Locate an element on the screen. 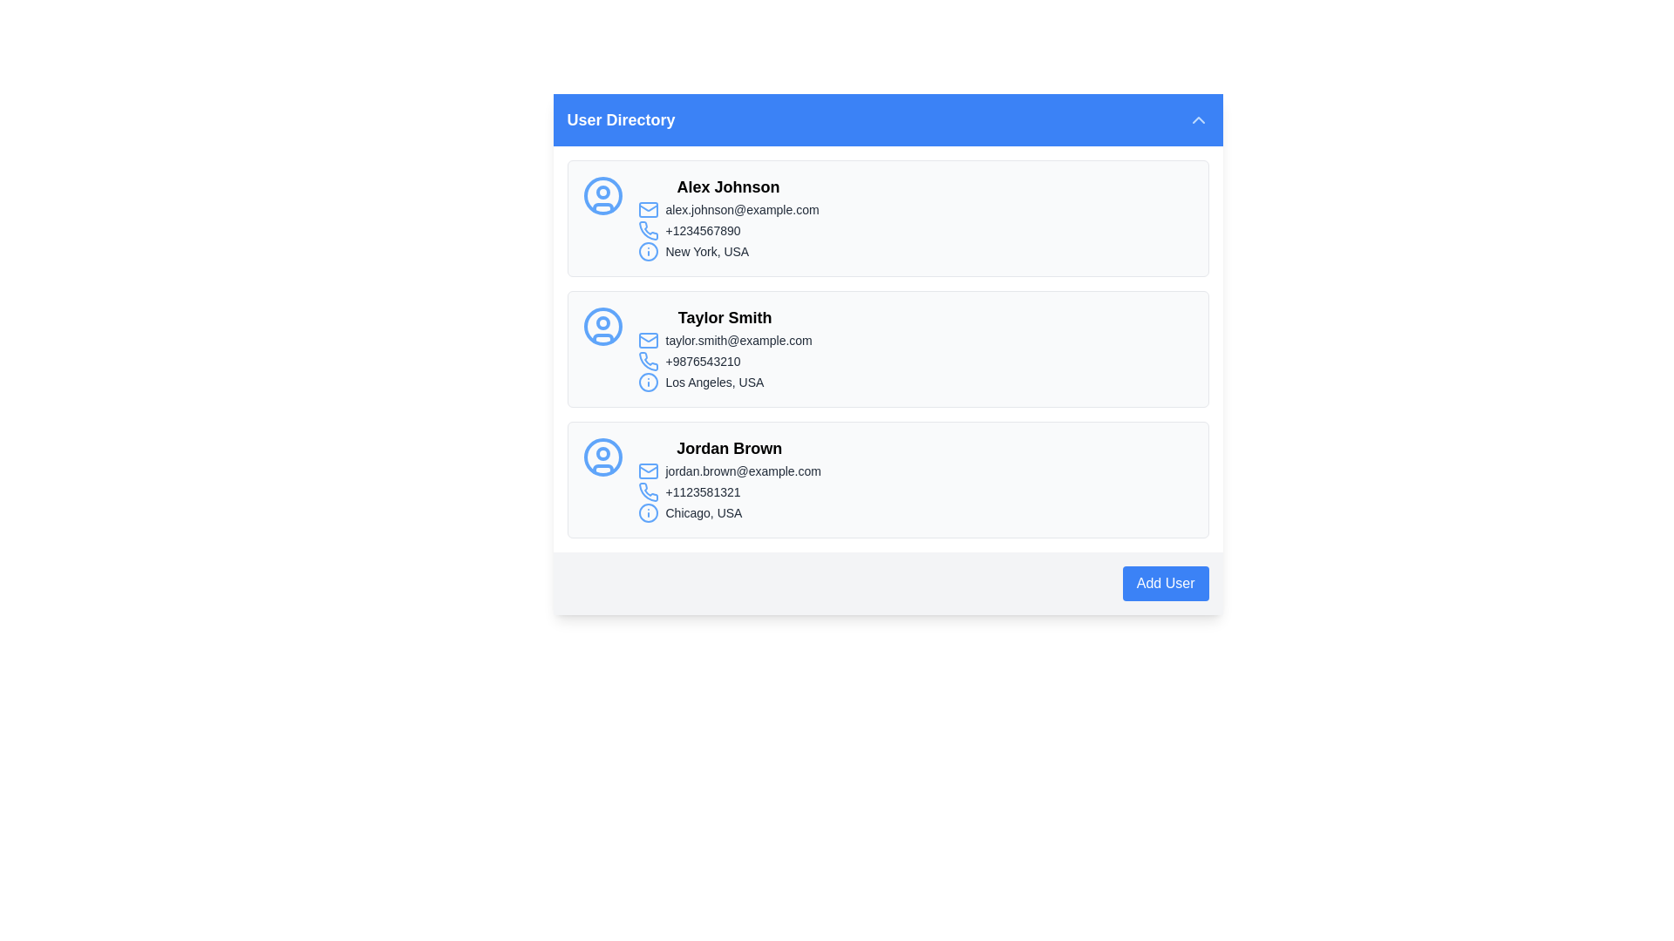 The width and height of the screenshot is (1674, 941). the blue outlined SVG circle graphic next to Taylor Smith's phone number in the User Directory panel is located at coordinates (647, 382).